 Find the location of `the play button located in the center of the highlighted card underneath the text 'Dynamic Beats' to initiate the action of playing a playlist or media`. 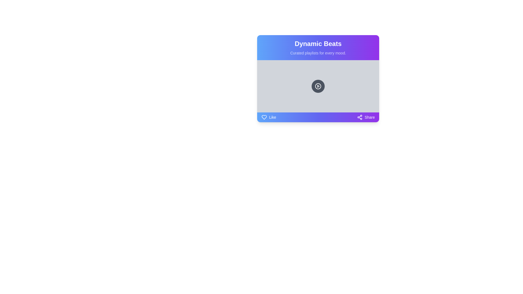

the play button located in the center of the highlighted card underneath the text 'Dynamic Beats' to initiate the action of playing a playlist or media is located at coordinates (318, 79).